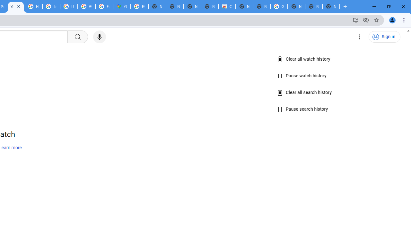 This screenshot has height=231, width=411. What do you see at coordinates (304, 92) in the screenshot?
I see `'Clear all search history'` at bounding box center [304, 92].